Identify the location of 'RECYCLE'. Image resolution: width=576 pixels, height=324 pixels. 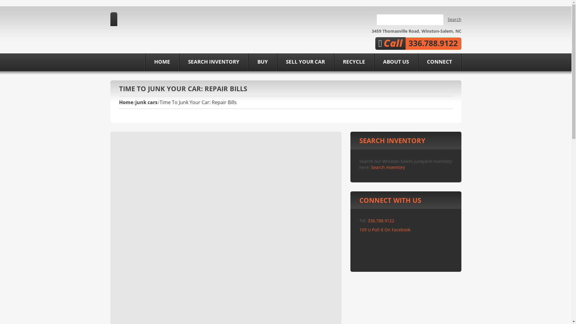
(354, 62).